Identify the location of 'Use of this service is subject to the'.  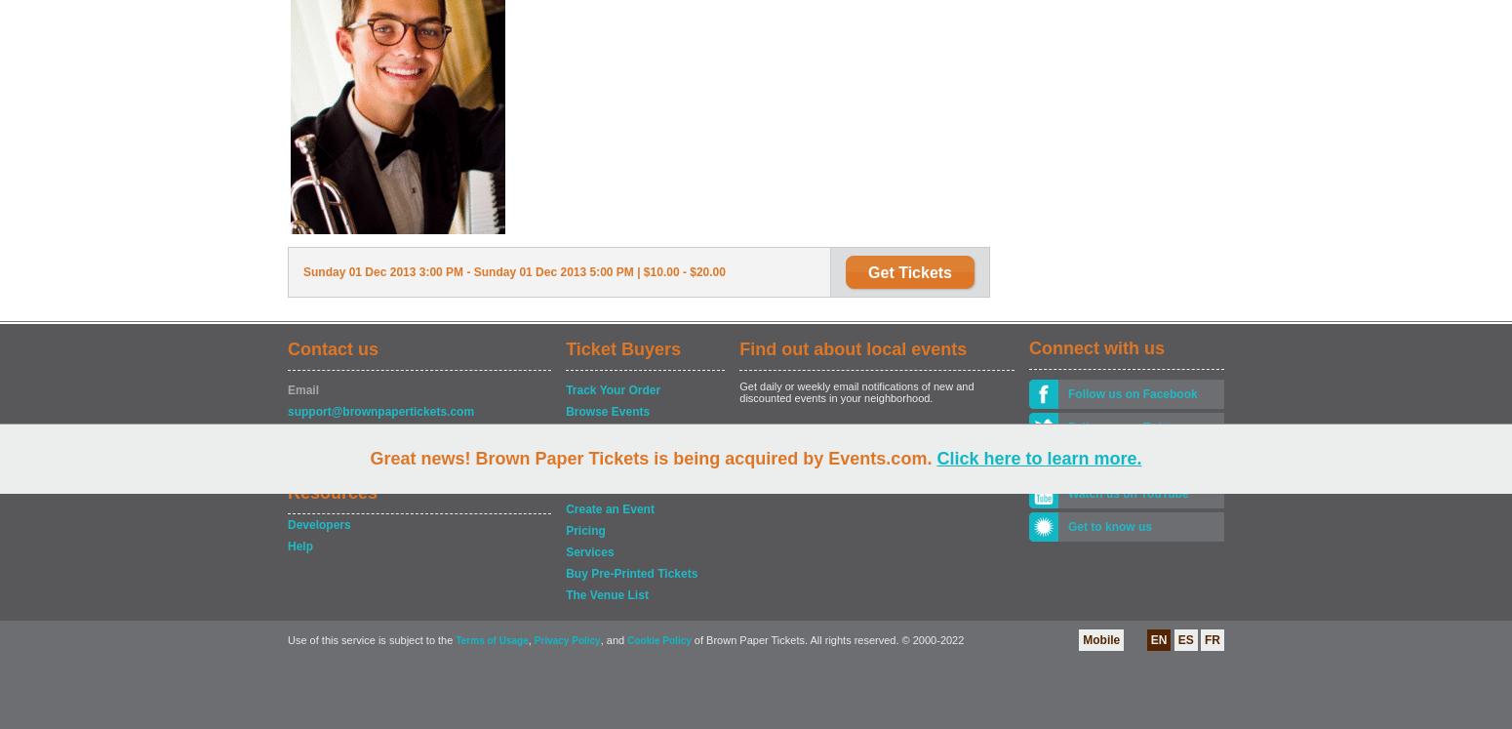
(370, 639).